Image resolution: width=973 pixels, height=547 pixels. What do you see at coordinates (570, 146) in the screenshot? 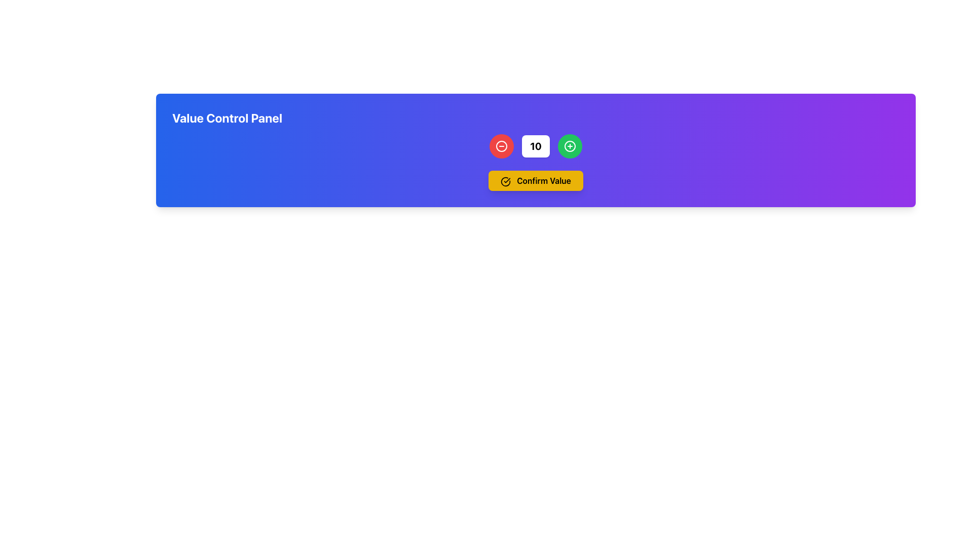
I see `the green circular button containing the SVG circle with a white cross in the center, which represents the 'add' action` at bounding box center [570, 146].